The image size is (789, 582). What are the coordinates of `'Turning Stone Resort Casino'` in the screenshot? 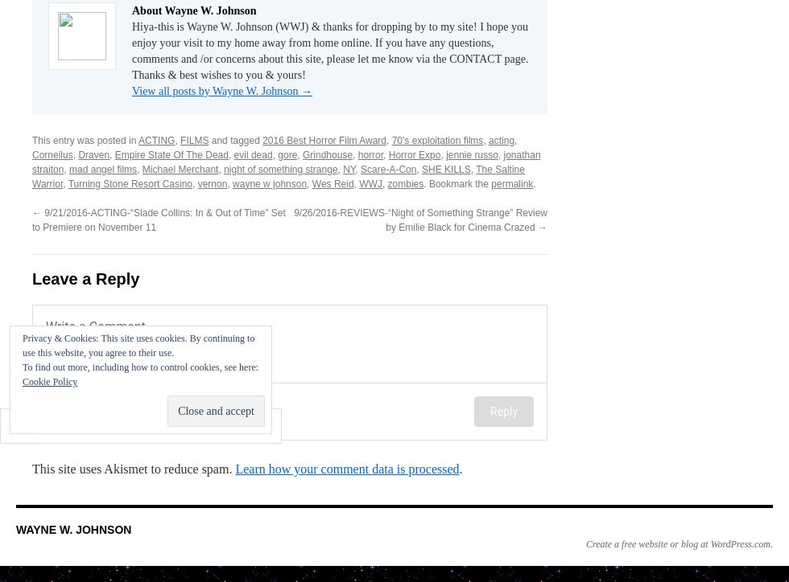 It's located at (130, 182).